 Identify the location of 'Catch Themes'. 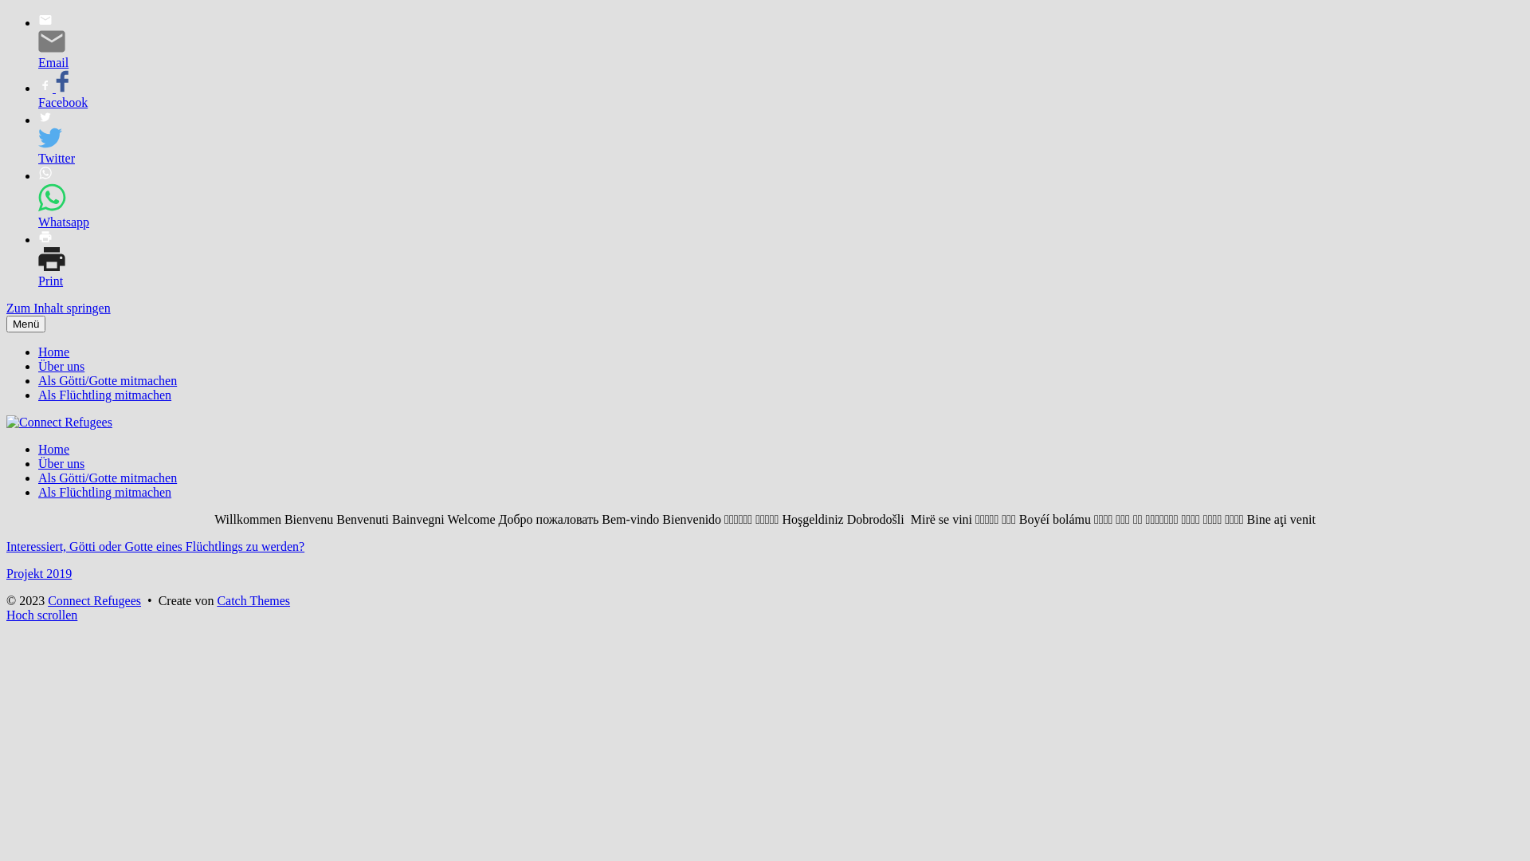
(252, 600).